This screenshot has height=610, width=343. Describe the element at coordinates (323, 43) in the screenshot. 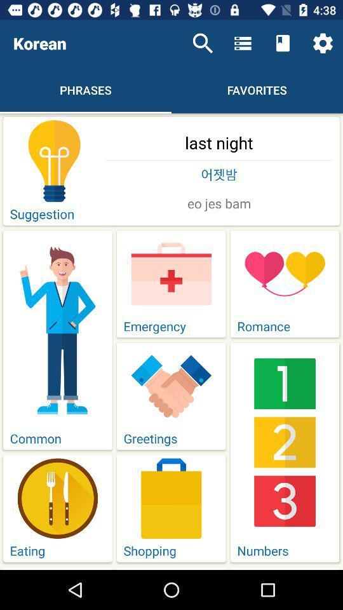

I see `the item above last night item` at that location.